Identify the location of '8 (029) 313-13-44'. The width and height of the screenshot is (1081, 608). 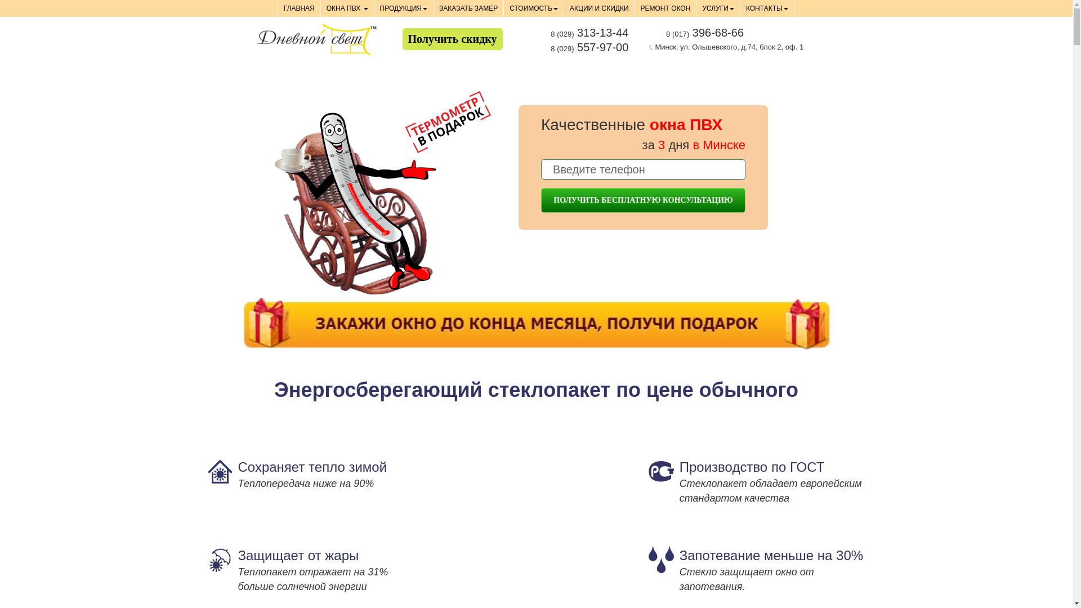
(588, 32).